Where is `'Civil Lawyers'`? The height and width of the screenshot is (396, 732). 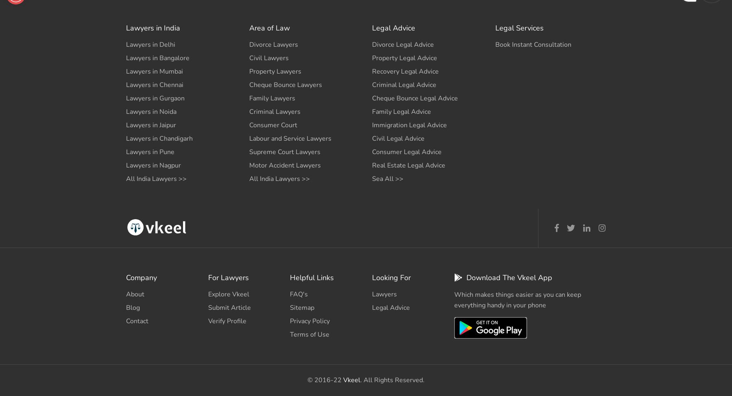
'Civil Lawyers' is located at coordinates (268, 57).